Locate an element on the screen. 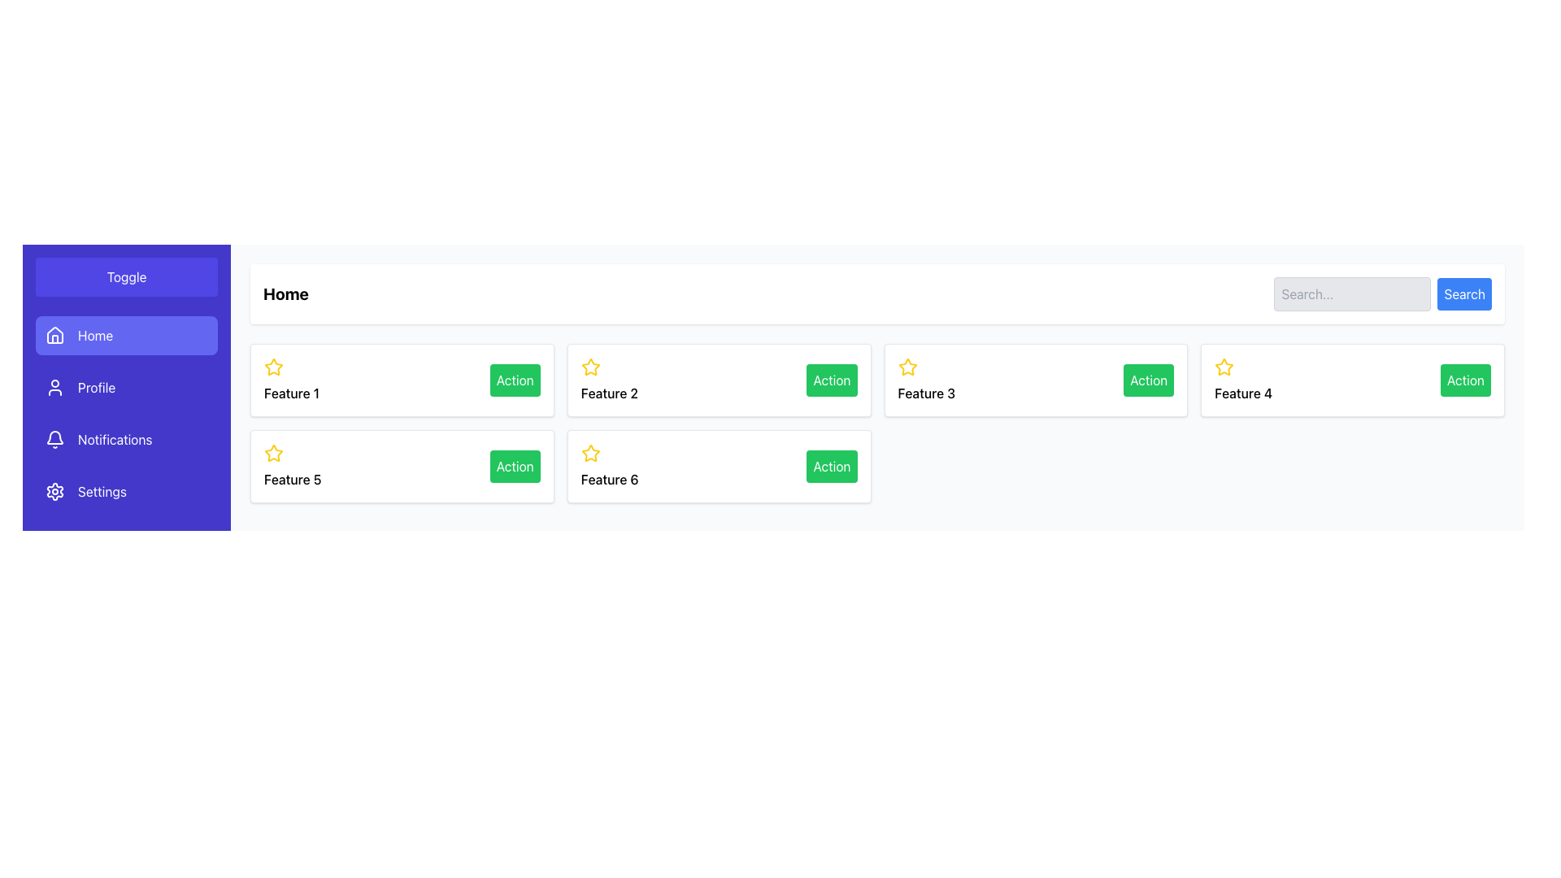 The height and width of the screenshot is (878, 1561). the 'Feature 2' text label located in the second card of the middle row to possibly reveal additional information is located at coordinates (608, 393).